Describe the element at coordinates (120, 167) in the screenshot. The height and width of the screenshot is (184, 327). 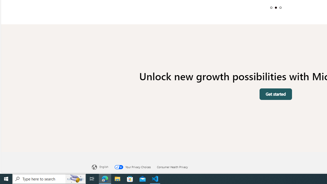
I see `'Your Privacy Choices Opt-Out Icon'` at that location.